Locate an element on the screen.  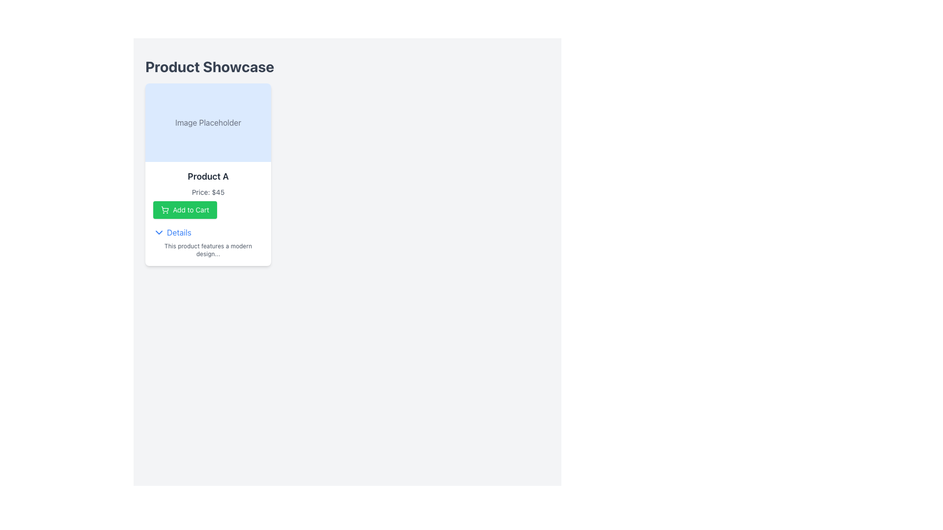
the 'Add to Cart' button, which is a green rectangular button with rounded edges located below the price '$45' and above the 'Details' link is located at coordinates (185, 210).